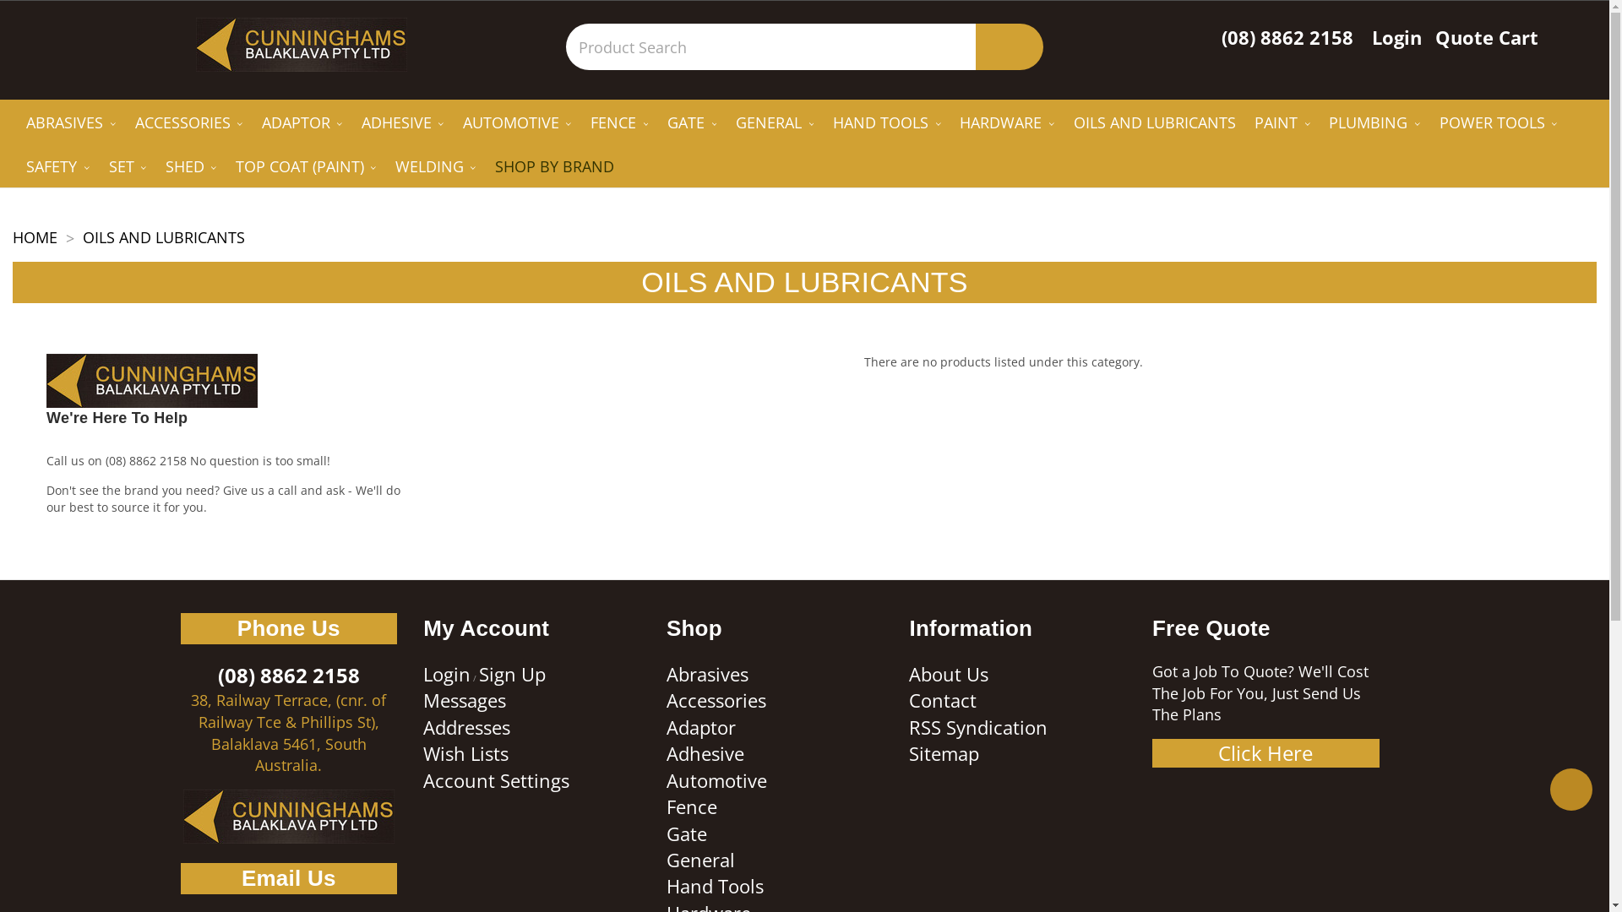  Describe the element at coordinates (57, 168) in the screenshot. I see `'SAFETY'` at that location.